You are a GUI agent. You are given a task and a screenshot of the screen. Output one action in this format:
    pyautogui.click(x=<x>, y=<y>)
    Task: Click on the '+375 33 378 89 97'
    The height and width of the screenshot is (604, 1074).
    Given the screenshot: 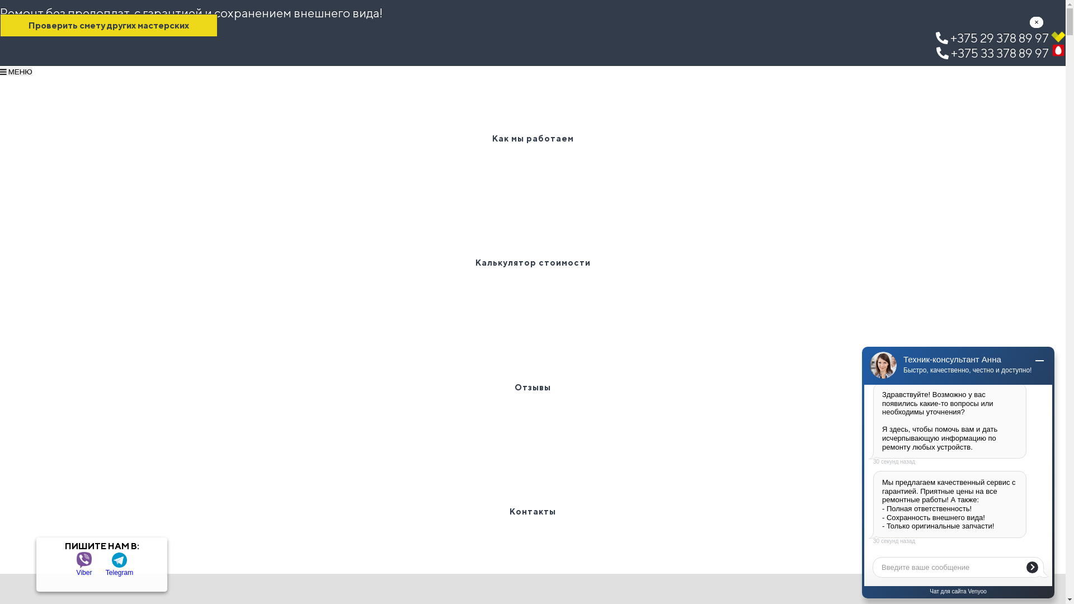 What is the action you would take?
    pyautogui.click(x=936, y=53)
    